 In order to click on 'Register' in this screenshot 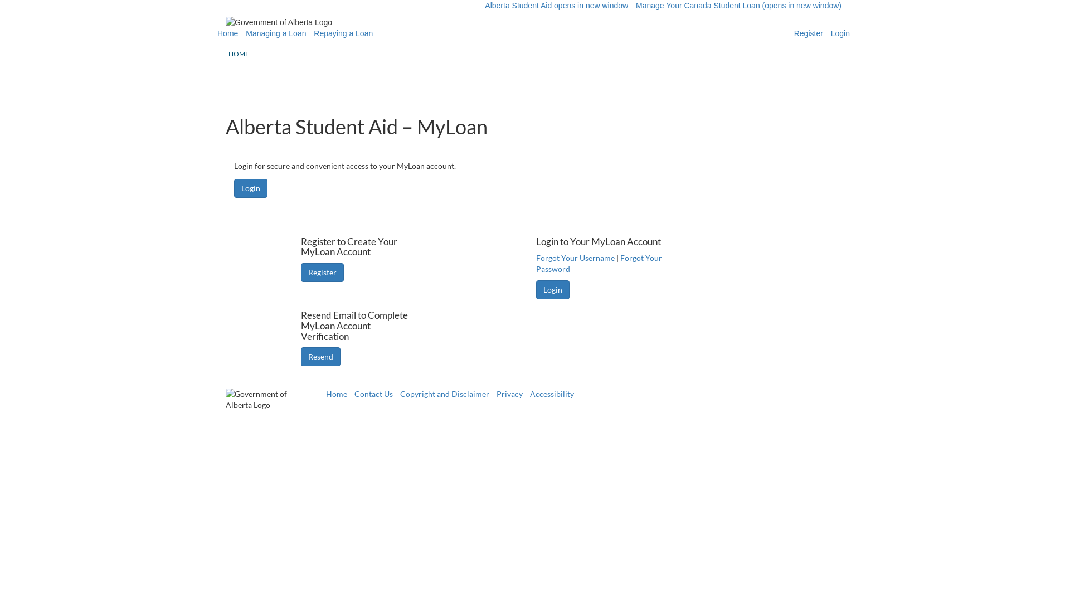, I will do `click(322, 273)`.